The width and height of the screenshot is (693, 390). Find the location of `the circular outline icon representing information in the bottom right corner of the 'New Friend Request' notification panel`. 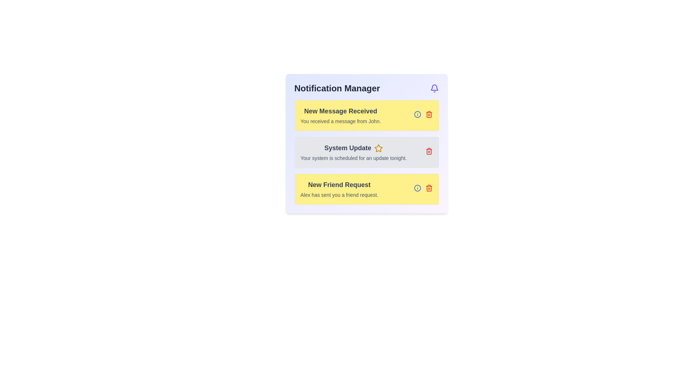

the circular outline icon representing information in the bottom right corner of the 'New Friend Request' notification panel is located at coordinates (417, 114).